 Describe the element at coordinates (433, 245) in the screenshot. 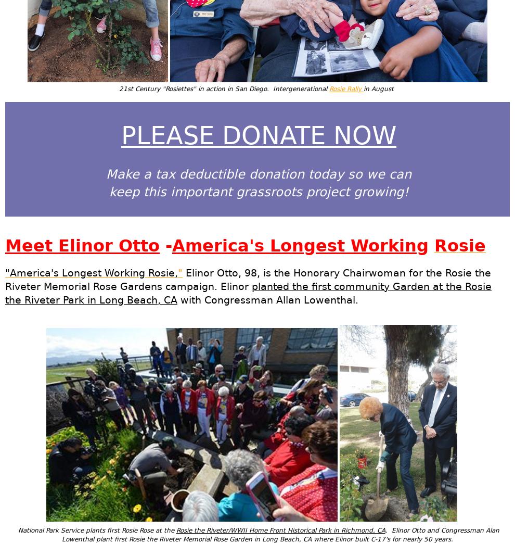

I see `'Rosie'` at that location.